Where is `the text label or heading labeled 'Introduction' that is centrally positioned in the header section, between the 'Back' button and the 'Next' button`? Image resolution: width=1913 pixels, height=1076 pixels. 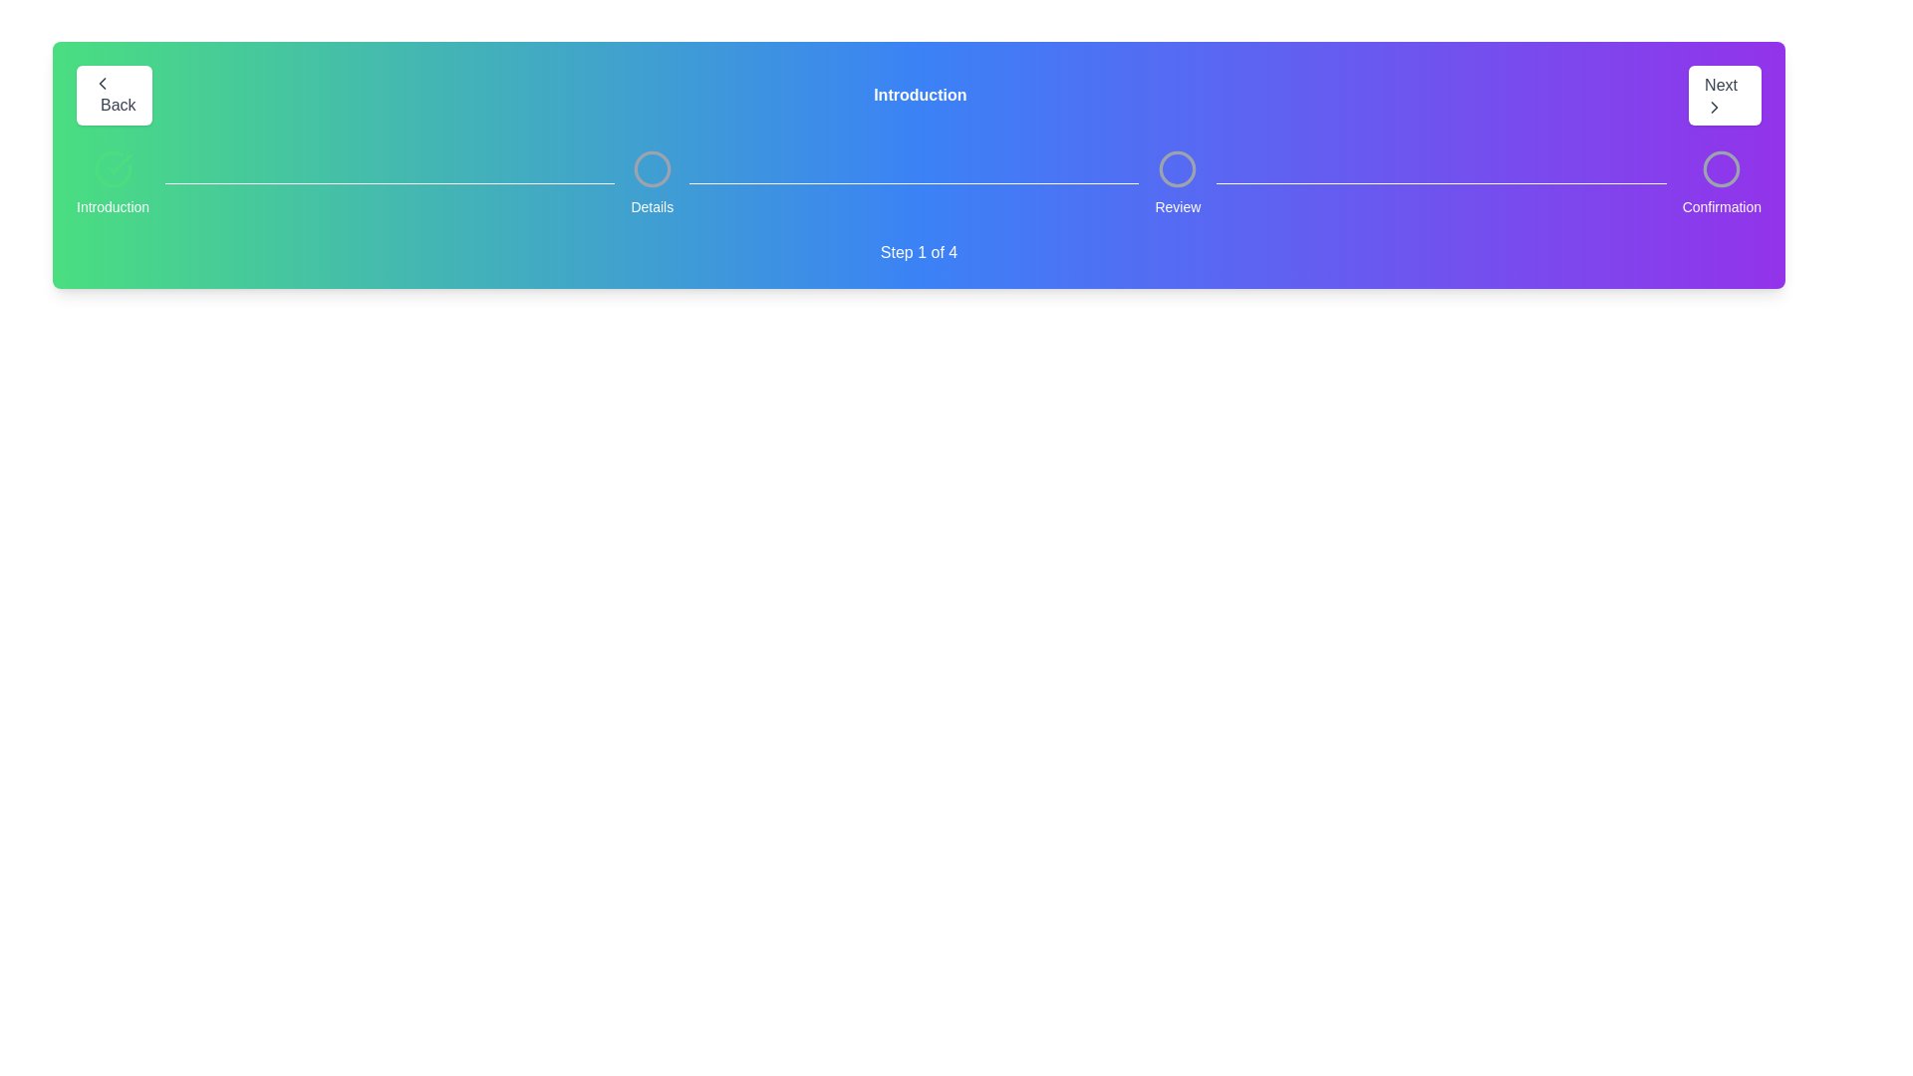
the text label or heading labeled 'Introduction' that is centrally positioned in the header section, between the 'Back' button and the 'Next' button is located at coordinates (918, 96).